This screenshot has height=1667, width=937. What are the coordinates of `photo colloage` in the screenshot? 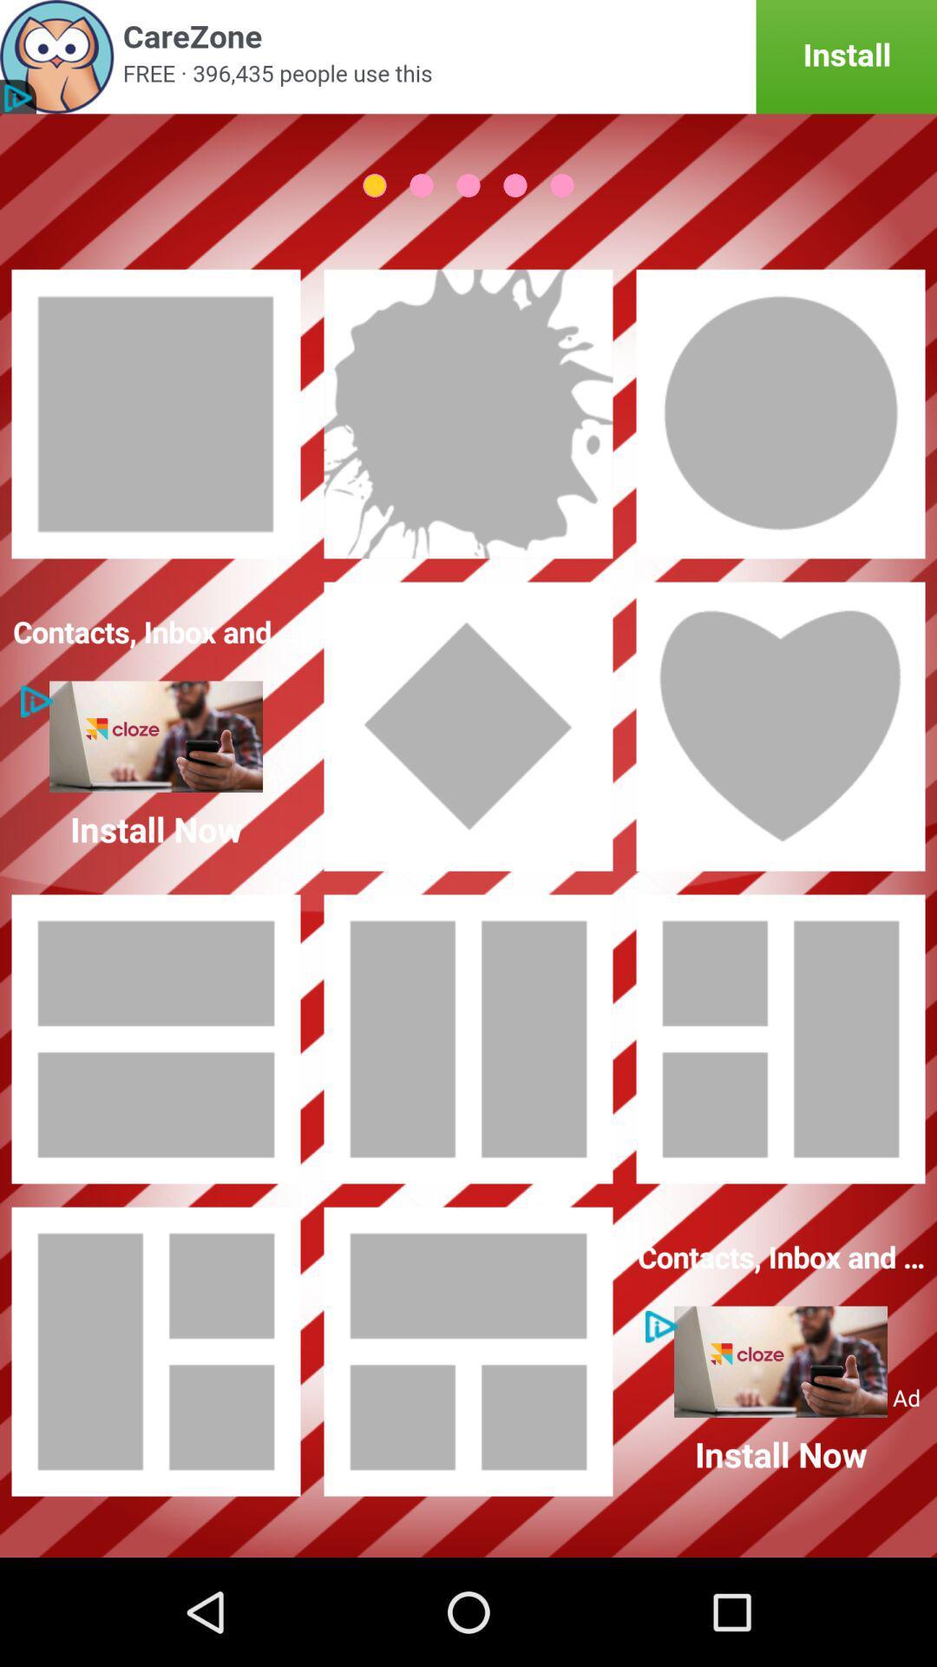 It's located at (156, 1350).